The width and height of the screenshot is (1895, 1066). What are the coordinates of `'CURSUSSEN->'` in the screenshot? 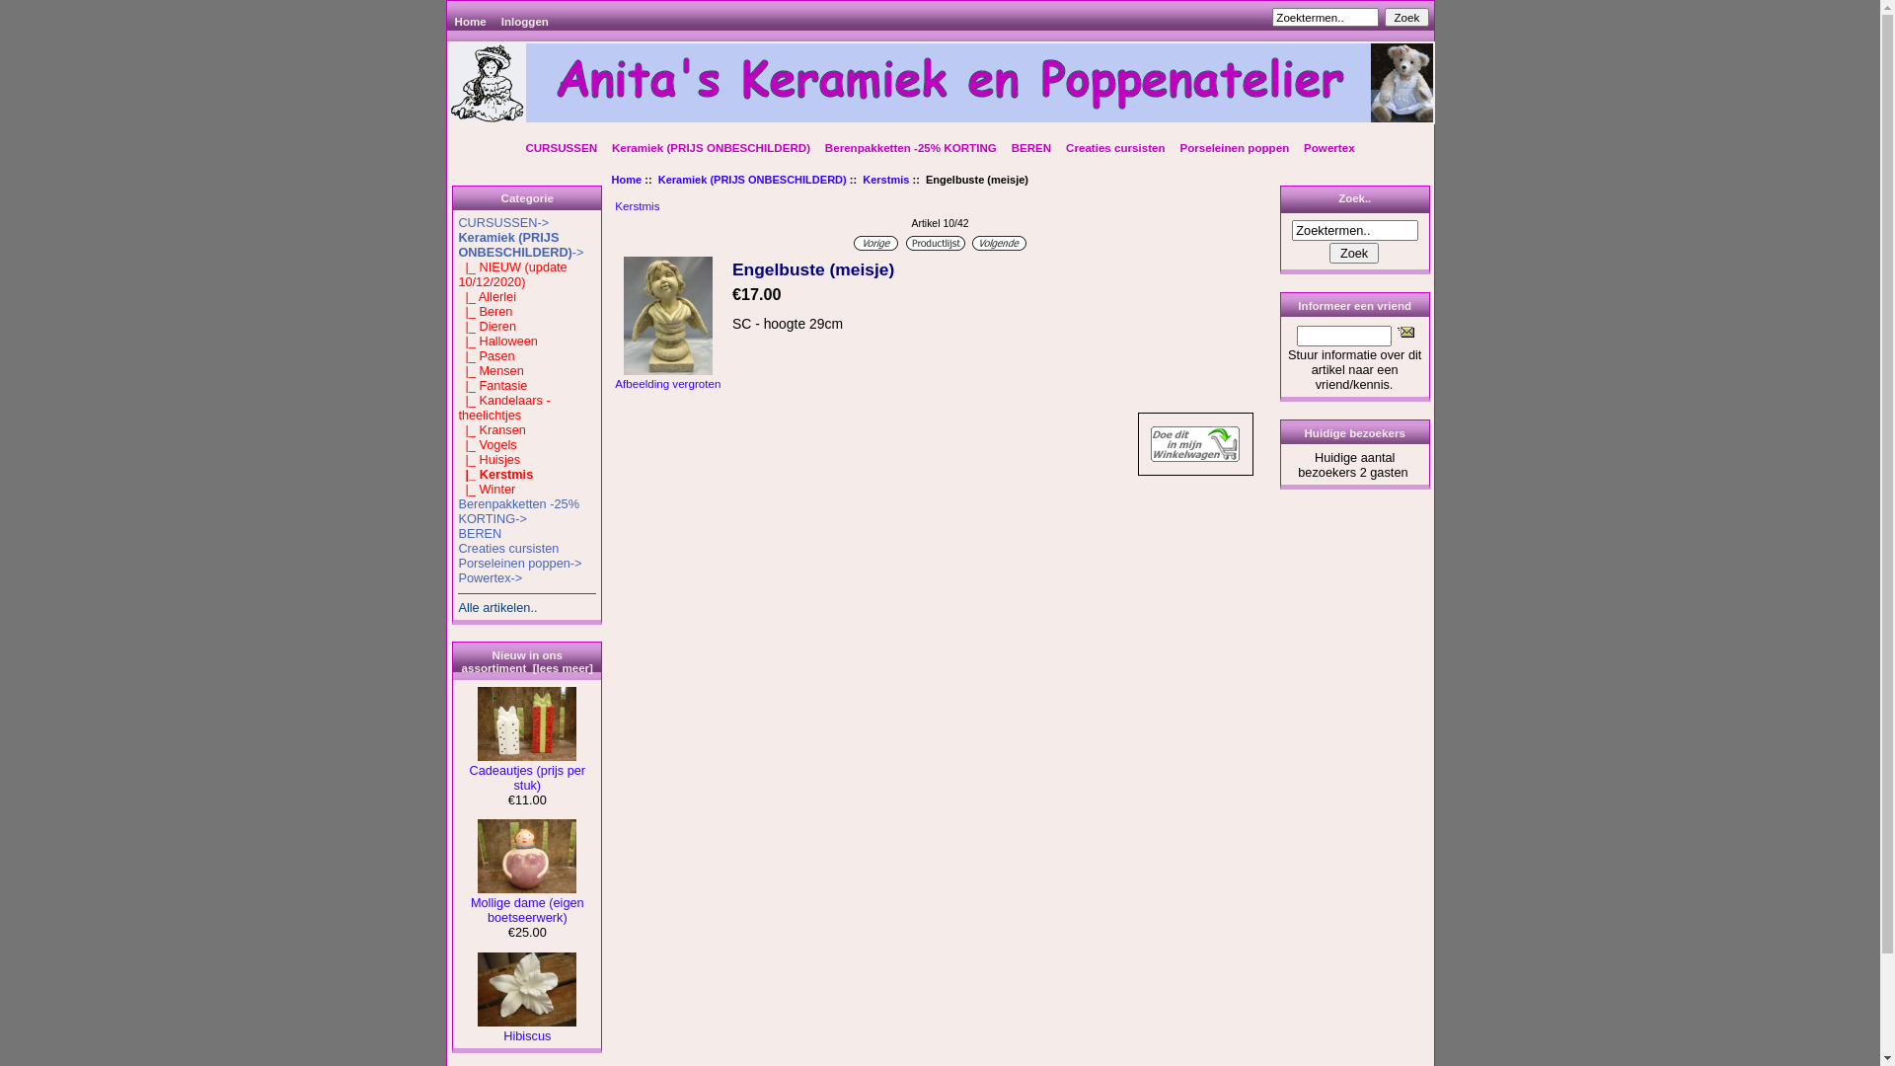 It's located at (502, 222).